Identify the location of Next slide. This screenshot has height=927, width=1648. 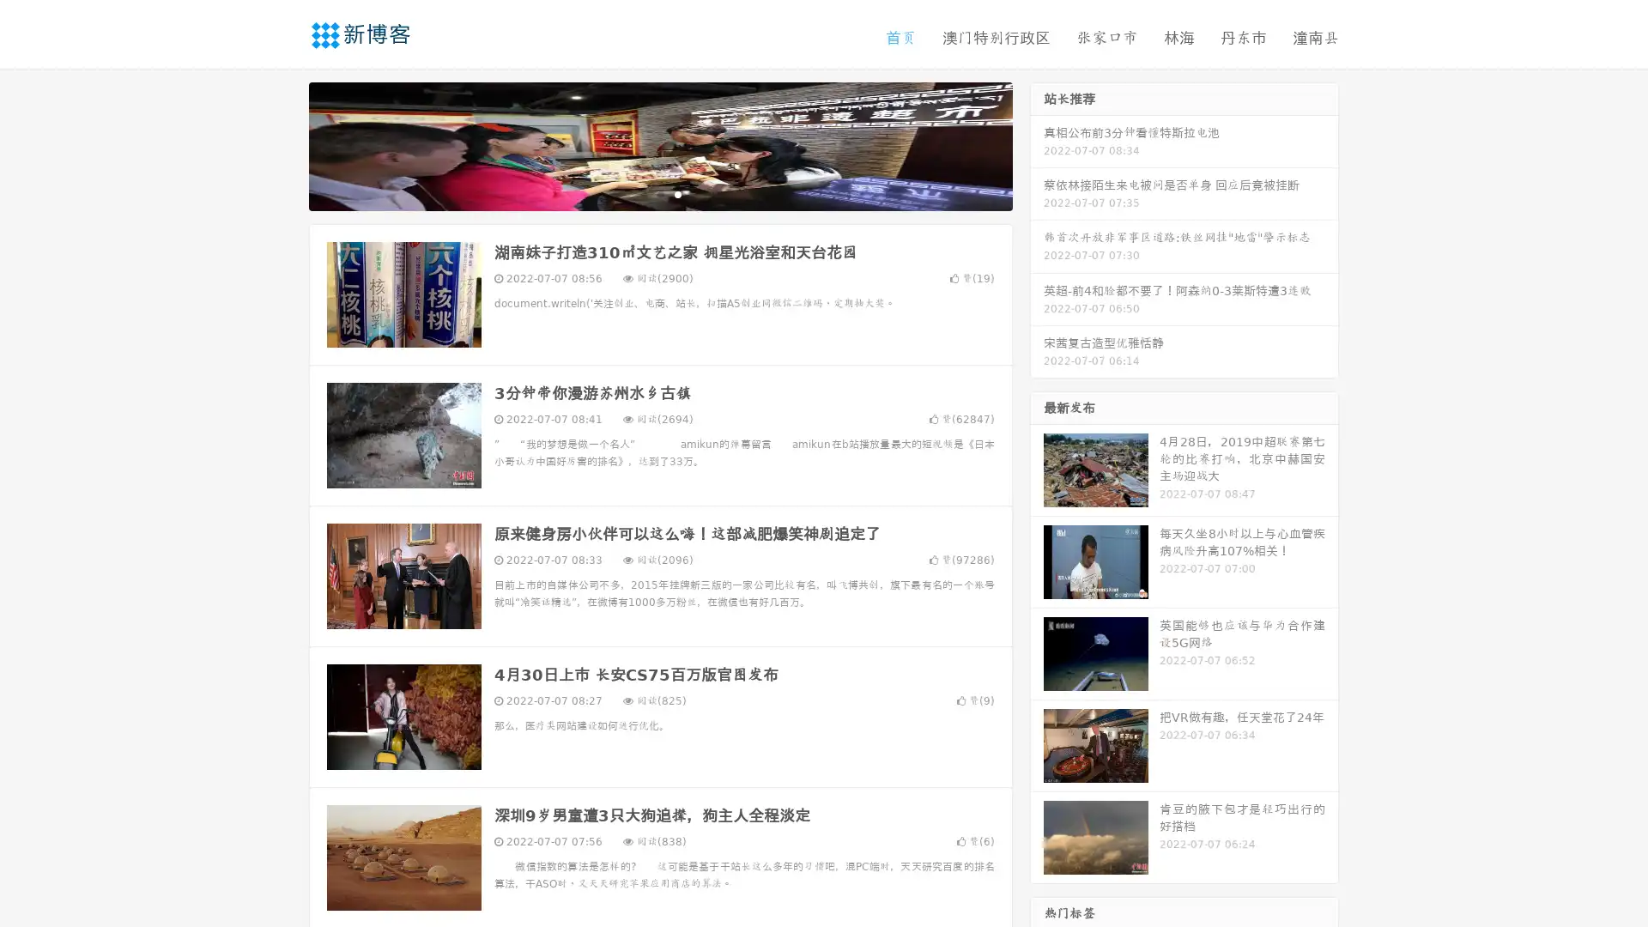
(1037, 144).